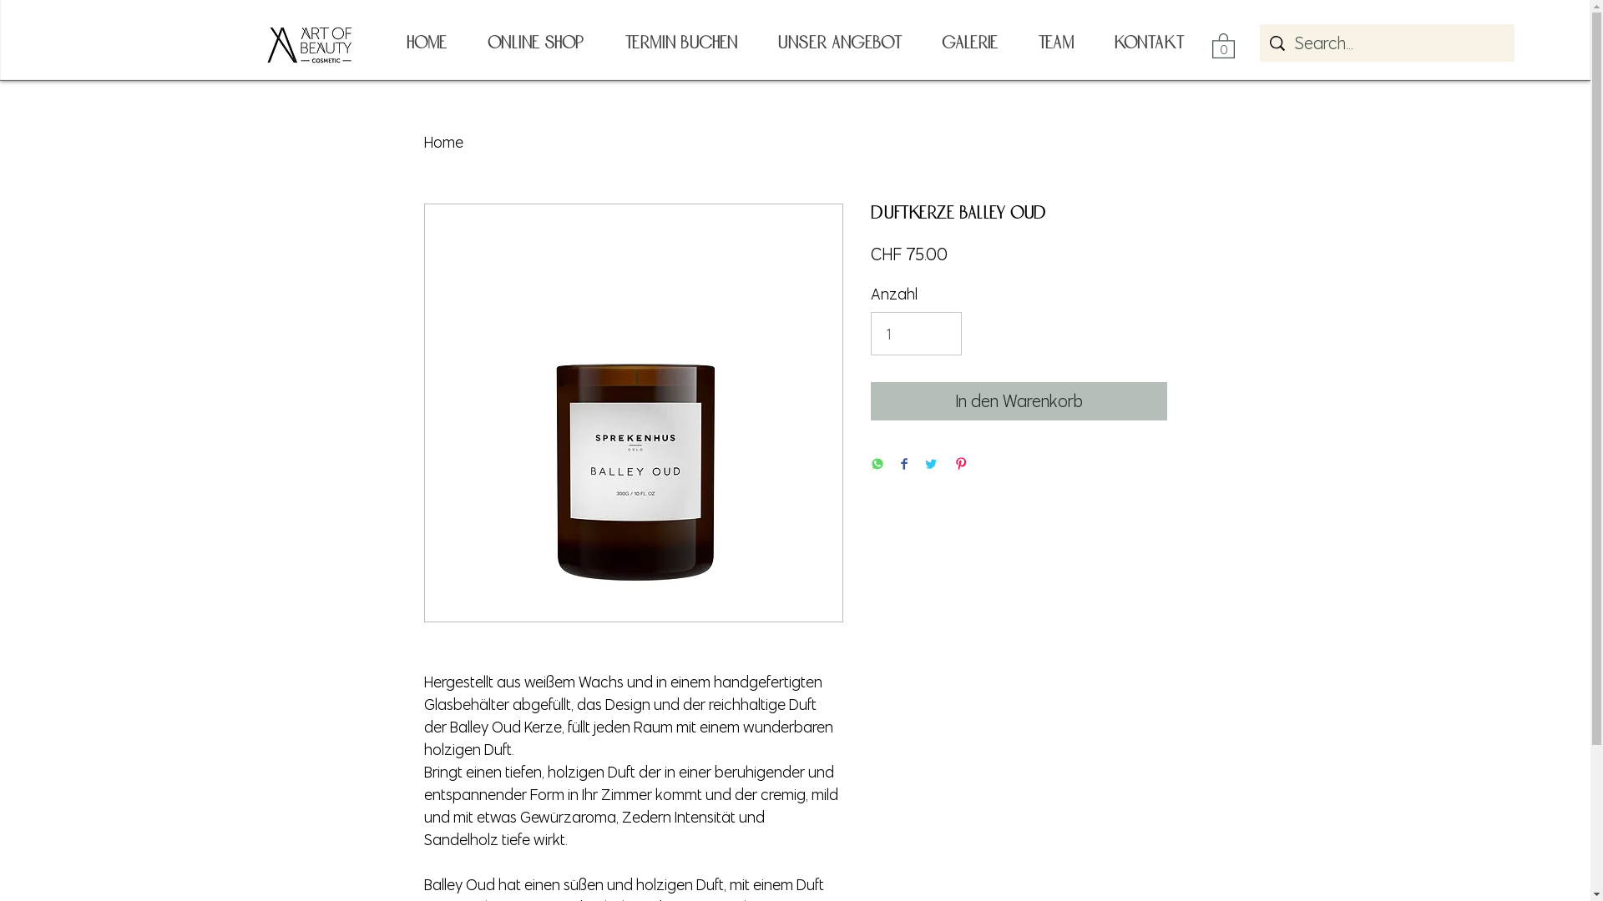 This screenshot has height=901, width=1603. Describe the element at coordinates (425, 42) in the screenshot. I see `'HOME'` at that location.